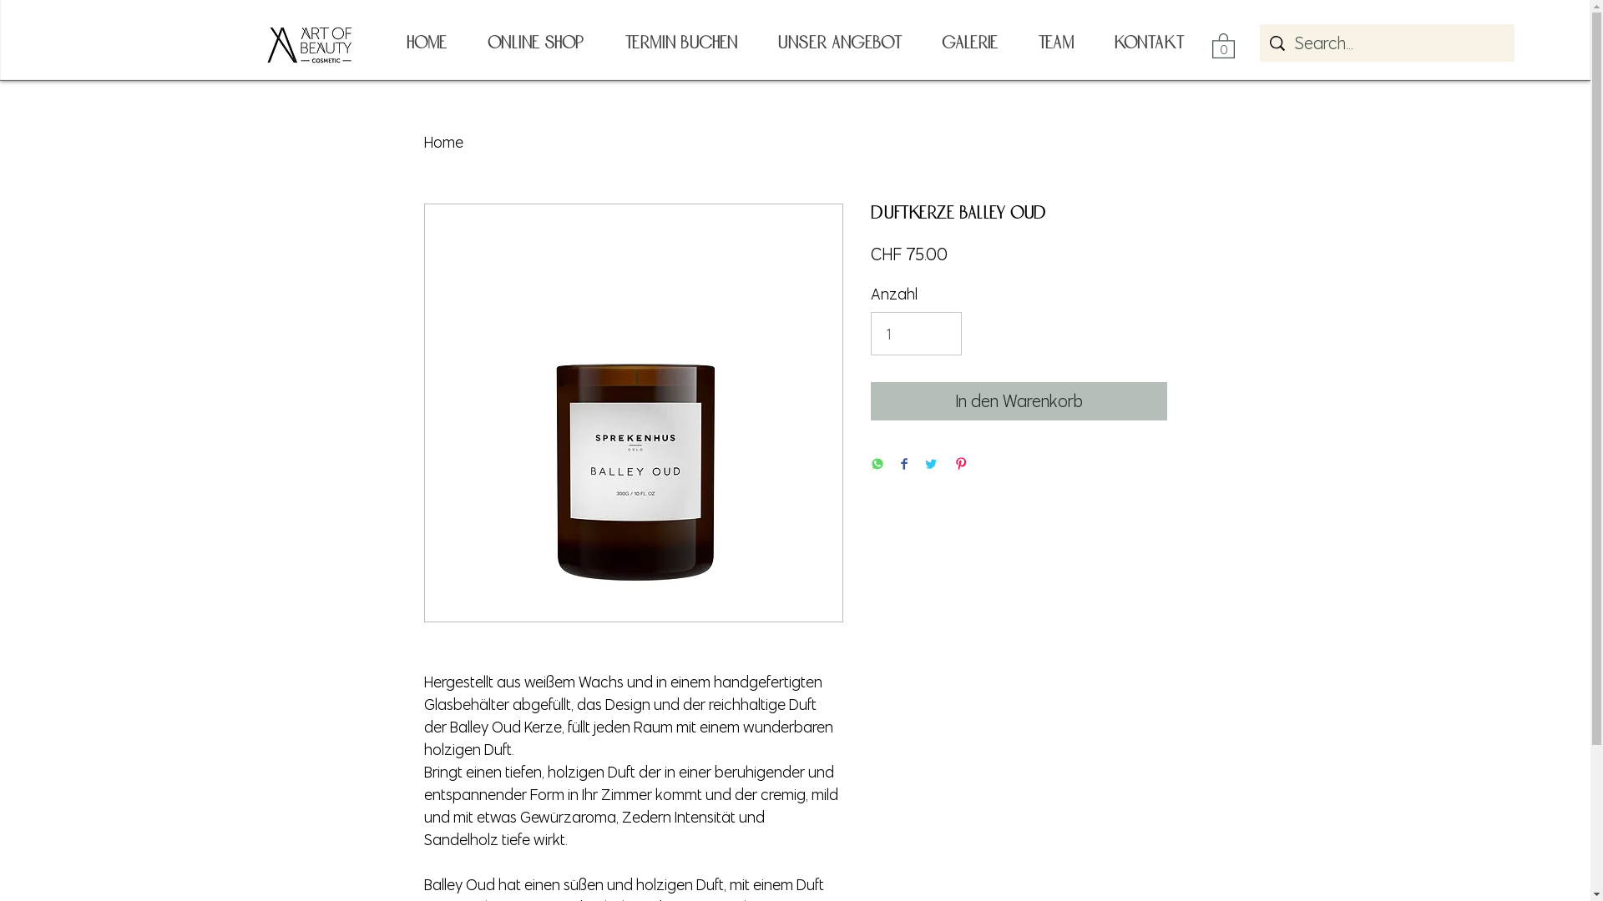 This screenshot has height=901, width=1603. Describe the element at coordinates (425, 42) in the screenshot. I see `'HOME'` at that location.